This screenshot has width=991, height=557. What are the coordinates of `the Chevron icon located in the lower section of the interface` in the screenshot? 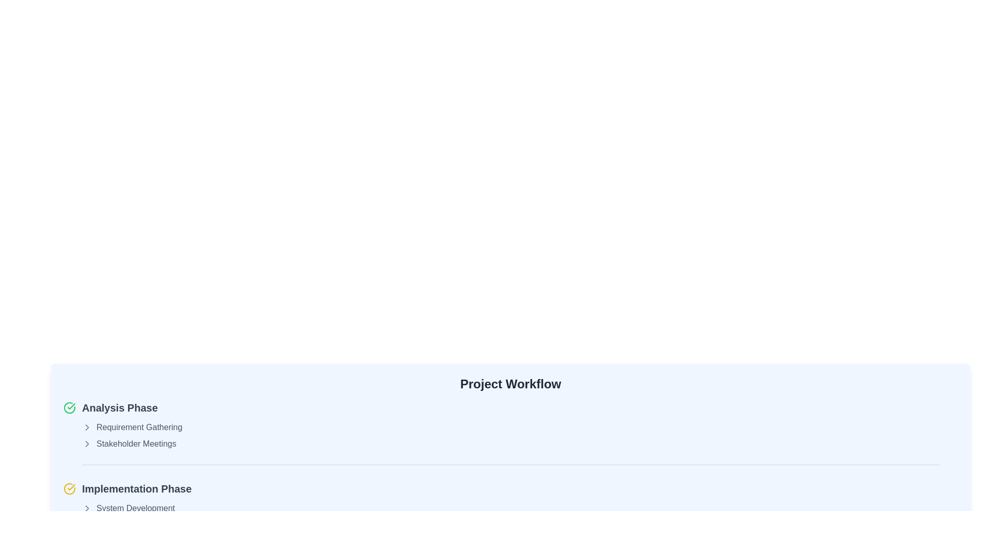 It's located at (87, 508).